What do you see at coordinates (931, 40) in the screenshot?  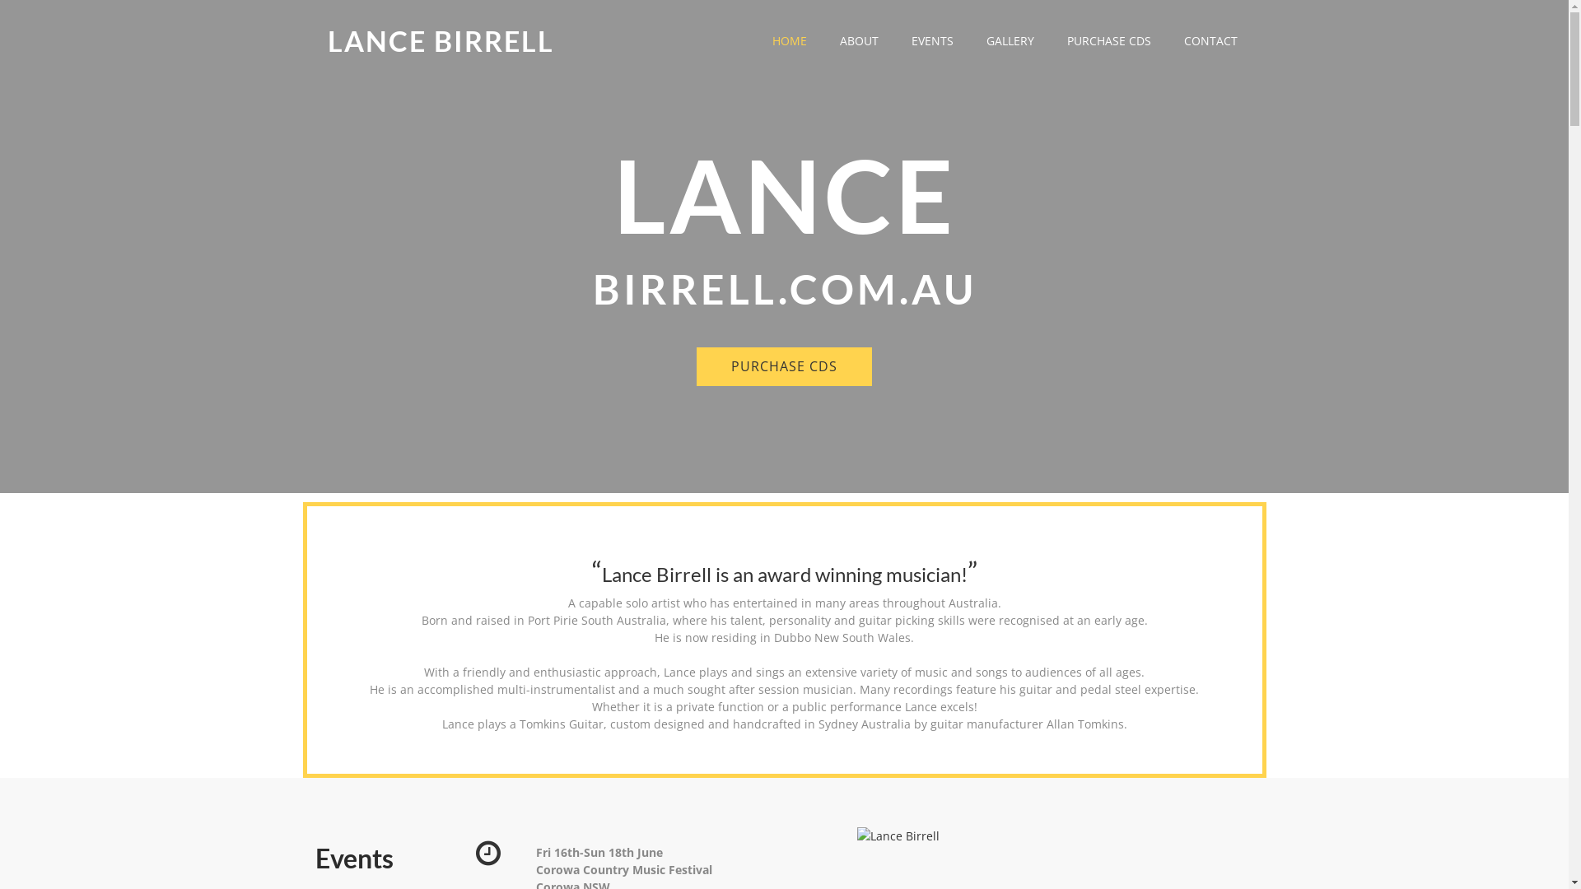 I see `'EVENTS'` at bounding box center [931, 40].